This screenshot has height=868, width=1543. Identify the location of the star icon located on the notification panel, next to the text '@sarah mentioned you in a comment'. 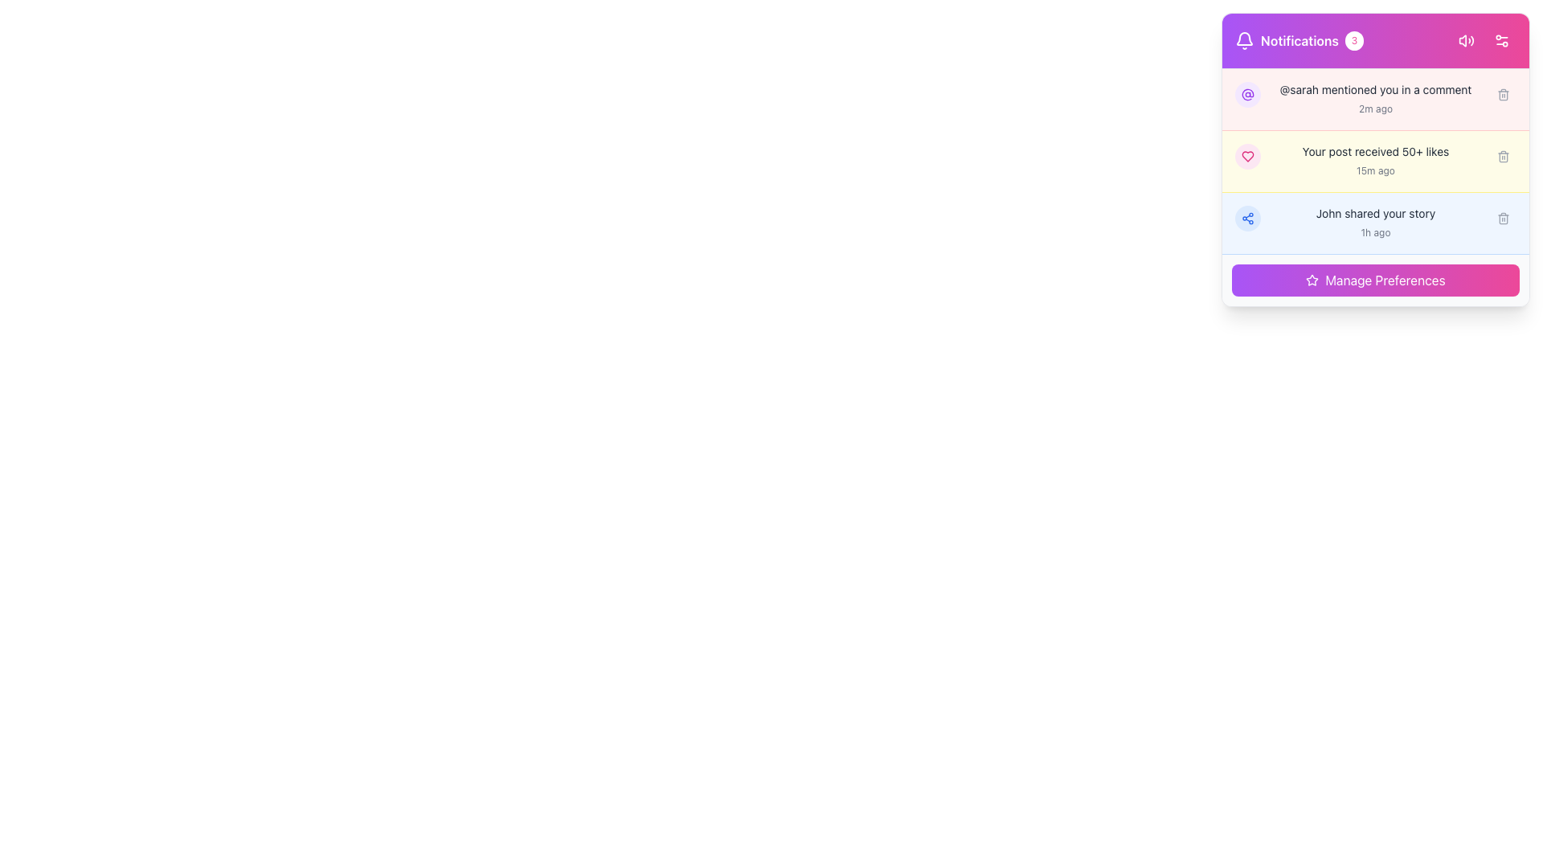
(1312, 279).